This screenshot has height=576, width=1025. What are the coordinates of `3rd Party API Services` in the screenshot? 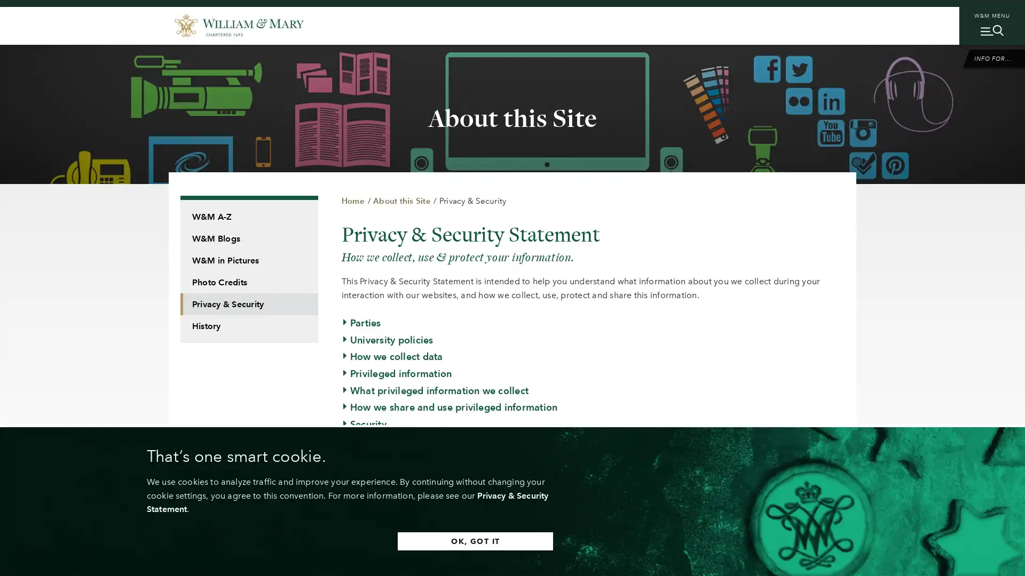 It's located at (396, 508).